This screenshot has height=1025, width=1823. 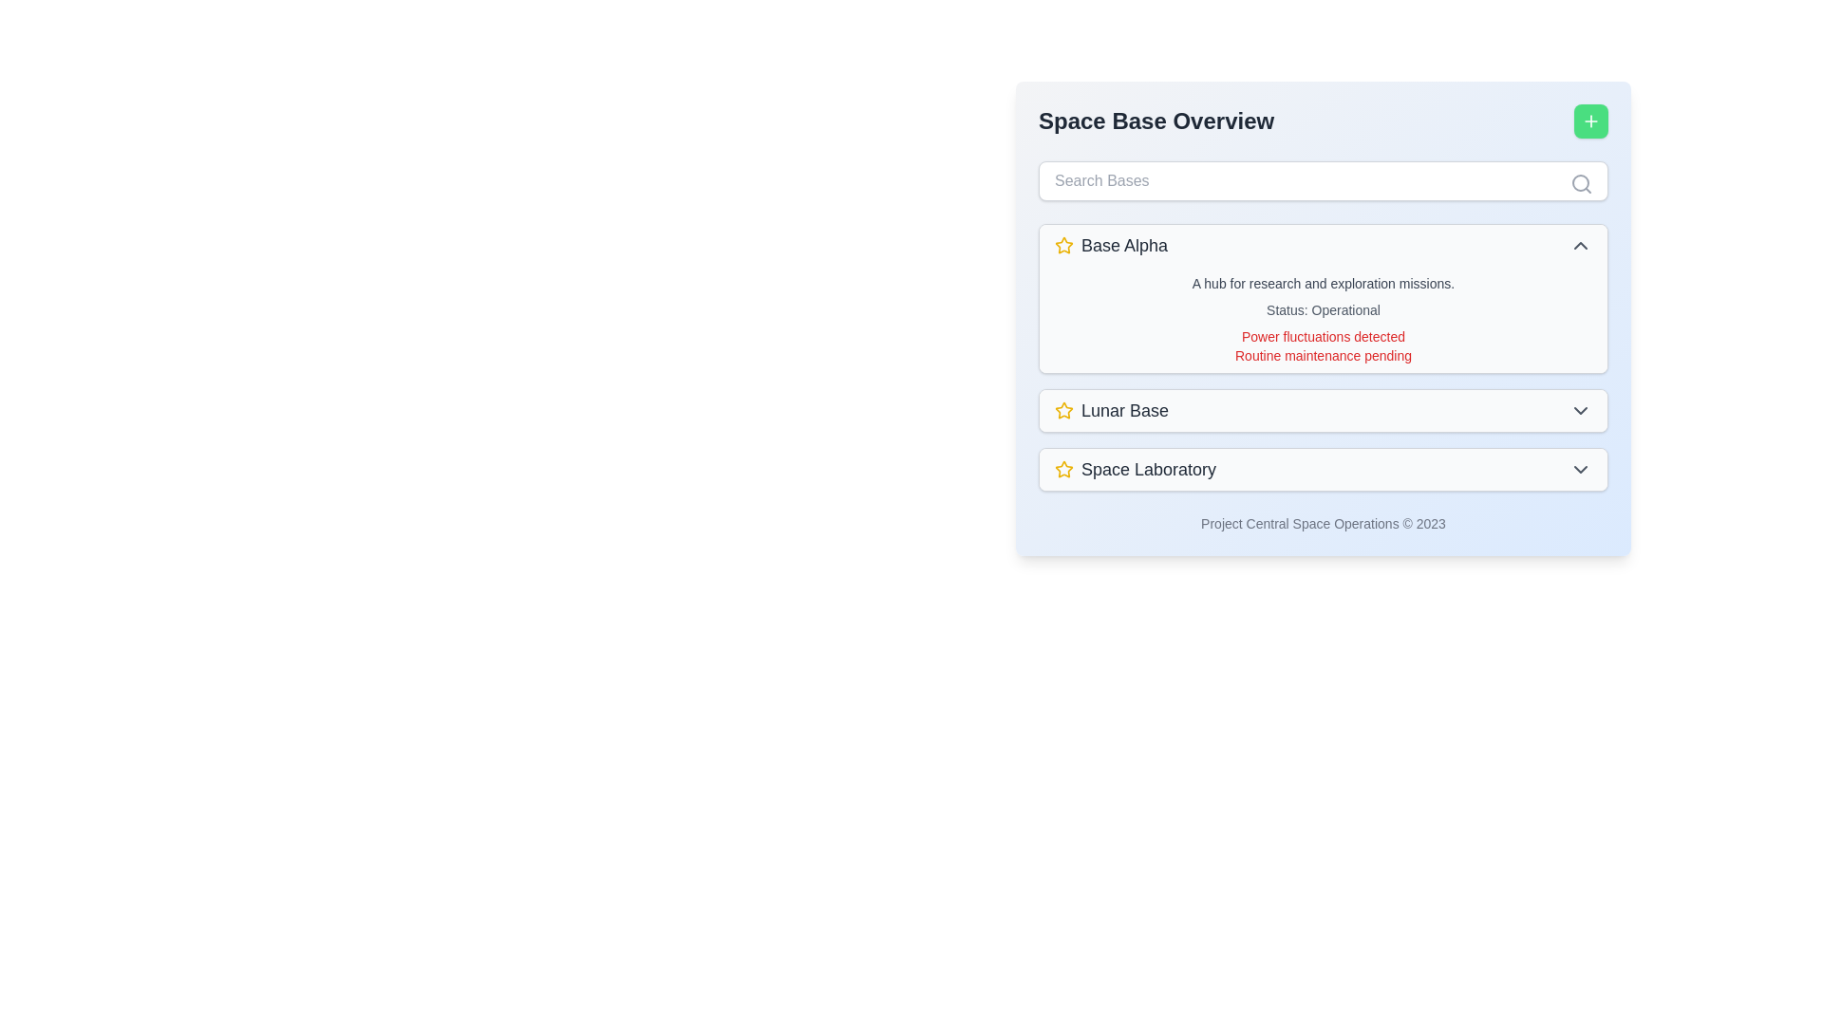 I want to click on the upward-pointing chevron icon with a gray stroke at the rightmost end of the 'Base Alpha' row, so click(x=1581, y=244).